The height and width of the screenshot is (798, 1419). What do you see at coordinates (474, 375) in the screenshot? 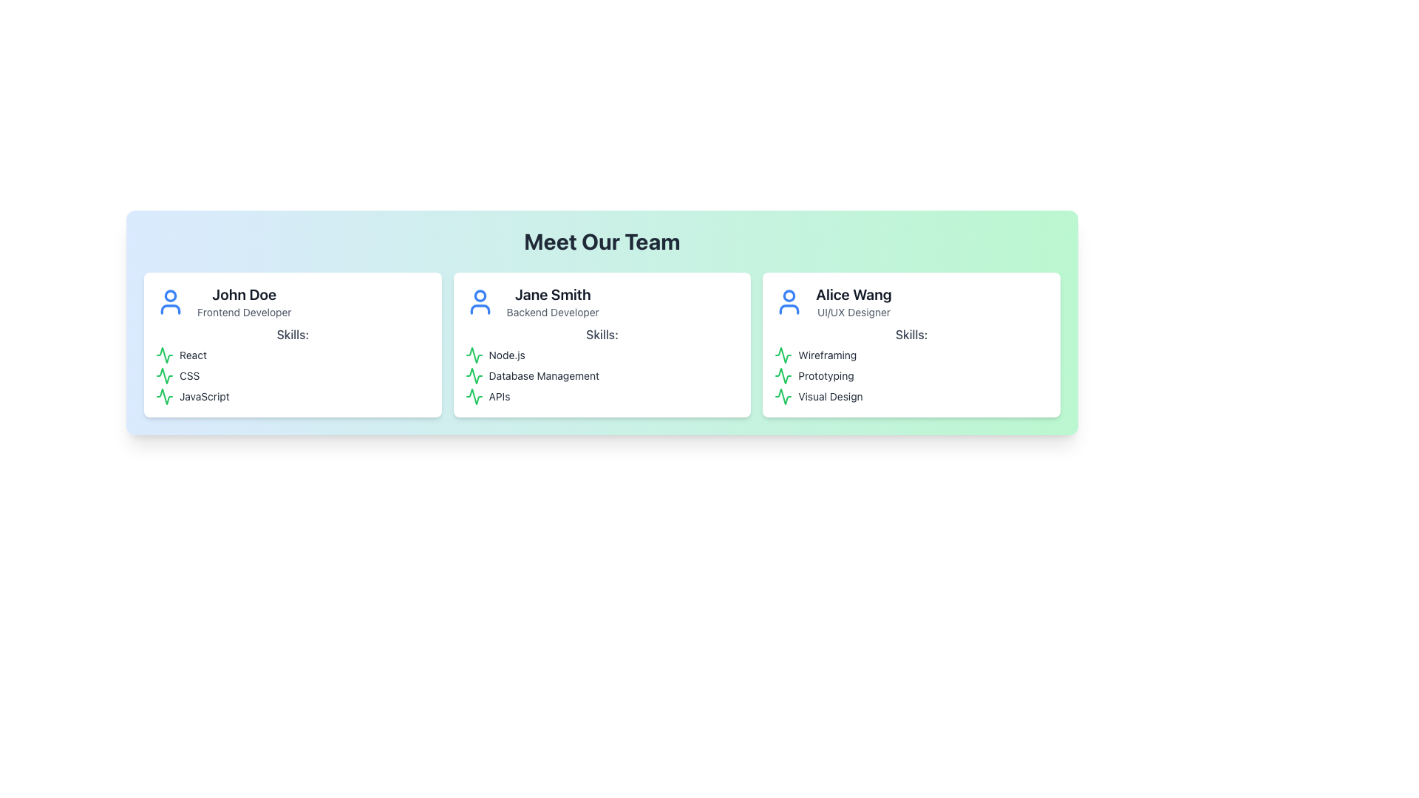
I see `the icon representing the skill category for 'Database Management' located in the second card under the title 'Meet Our Team' in the 'Skills' section` at bounding box center [474, 375].